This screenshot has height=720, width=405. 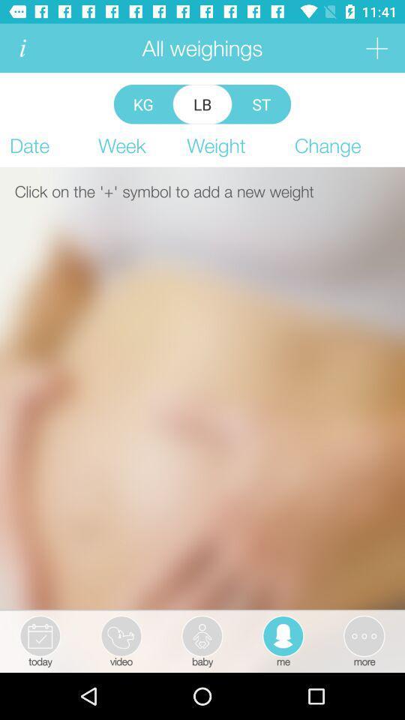 What do you see at coordinates (22, 48) in the screenshot?
I see `information` at bounding box center [22, 48].